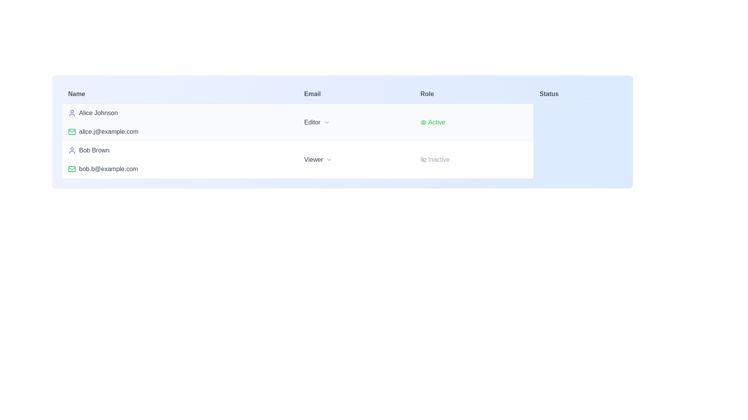 The height and width of the screenshot is (420, 748). I want to click on the status indication of the user Bob Brown, which is represented by the Text Label in the second row under the 'Status' column, so click(473, 159).